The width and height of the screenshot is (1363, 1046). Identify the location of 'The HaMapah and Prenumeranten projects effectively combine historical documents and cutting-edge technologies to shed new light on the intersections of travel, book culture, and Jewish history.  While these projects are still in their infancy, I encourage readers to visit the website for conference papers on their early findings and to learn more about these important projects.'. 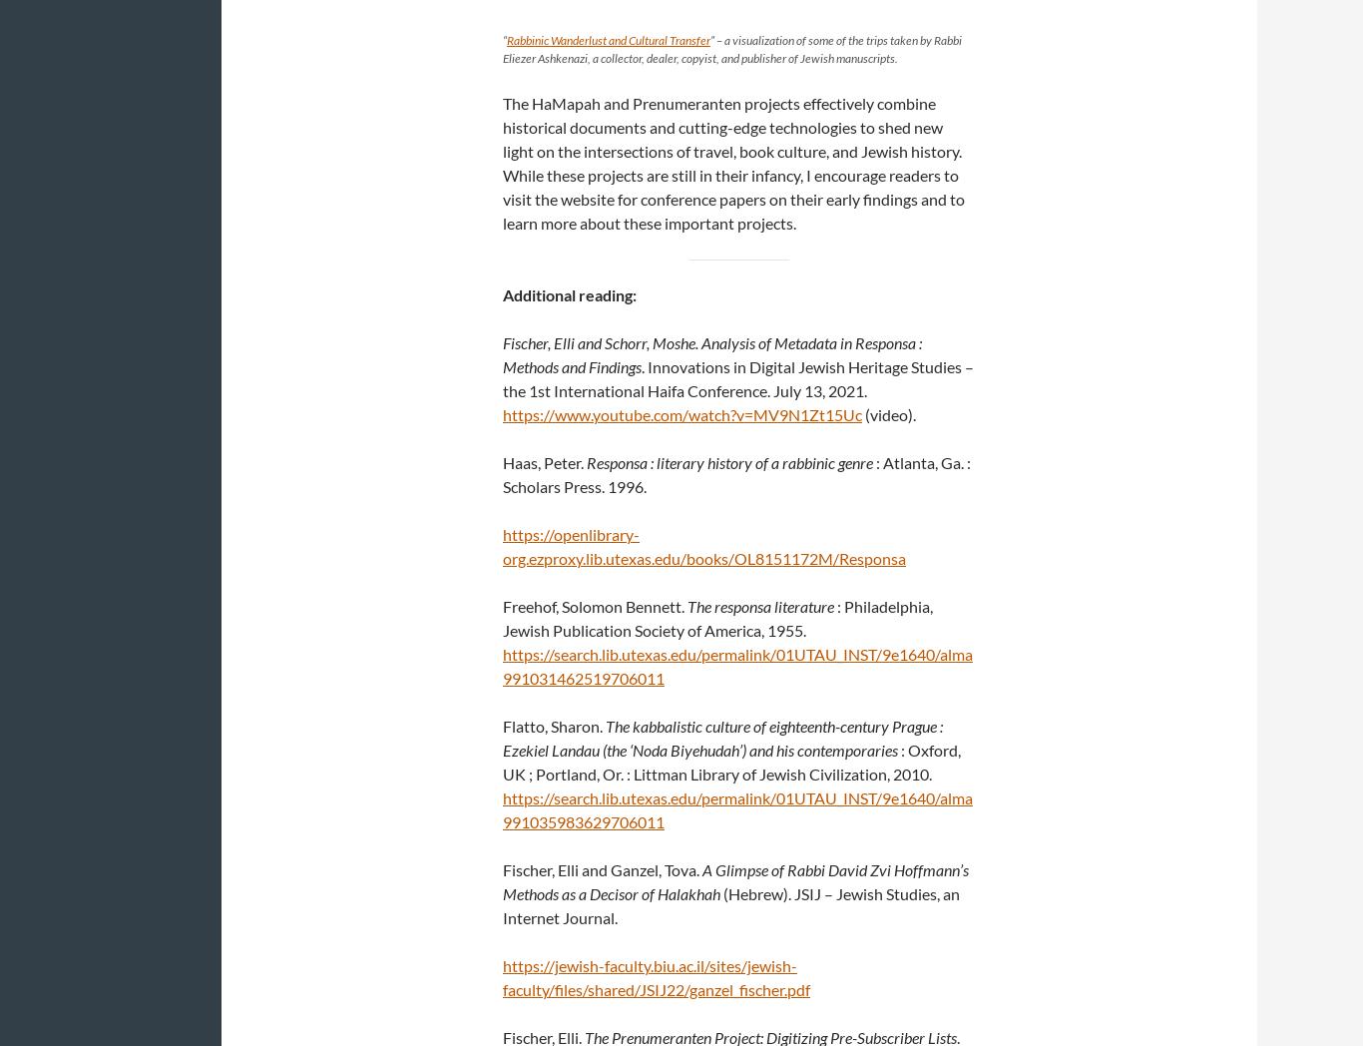
(733, 163).